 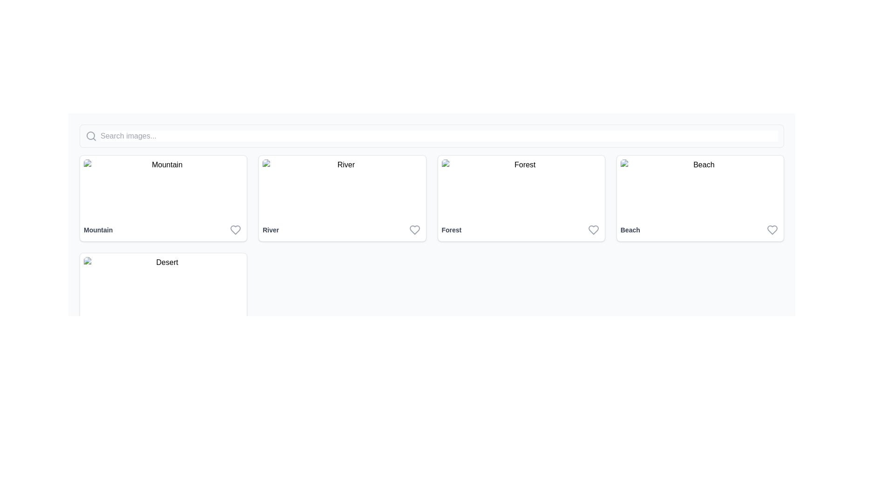 What do you see at coordinates (593, 230) in the screenshot?
I see `the heart icon button located at the bottom-right of the 'Forest' card to possibly see tooltips` at bounding box center [593, 230].